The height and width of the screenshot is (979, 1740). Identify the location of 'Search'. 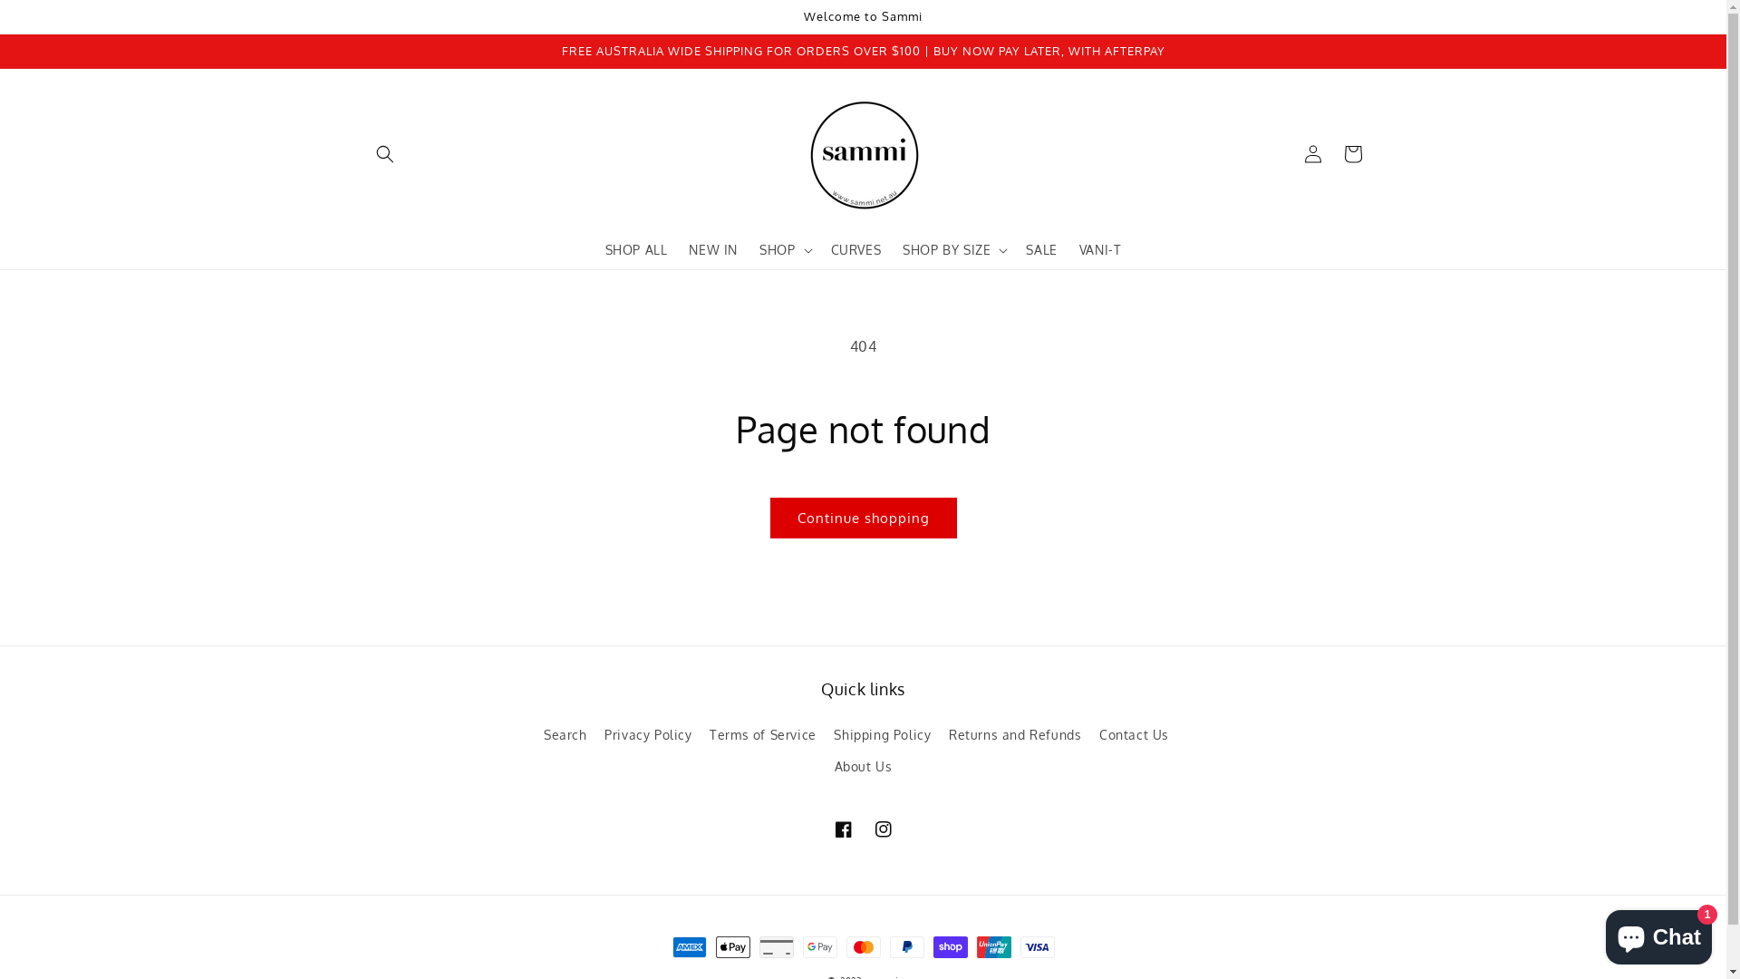
(543, 737).